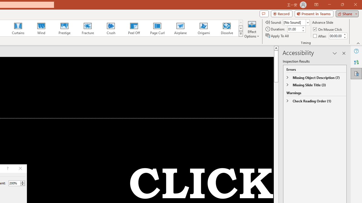  I want to click on 'Apply To All', so click(277, 36).